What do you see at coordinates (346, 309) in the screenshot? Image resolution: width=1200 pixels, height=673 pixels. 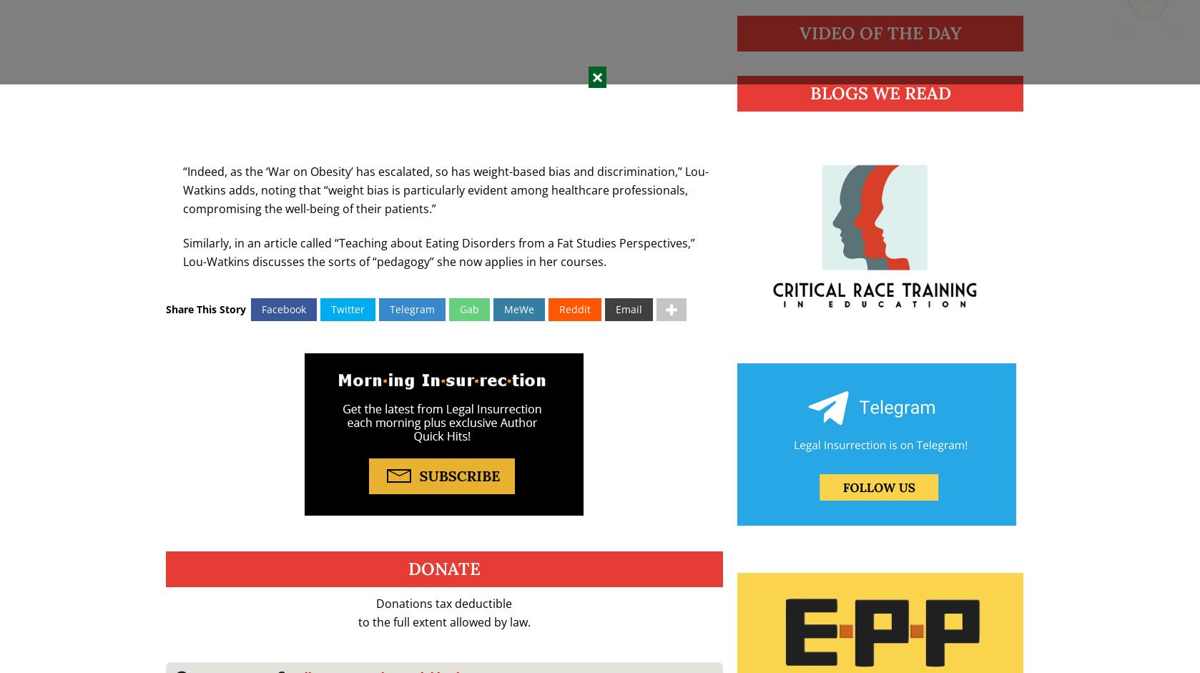 I see `'Twitter'` at bounding box center [346, 309].